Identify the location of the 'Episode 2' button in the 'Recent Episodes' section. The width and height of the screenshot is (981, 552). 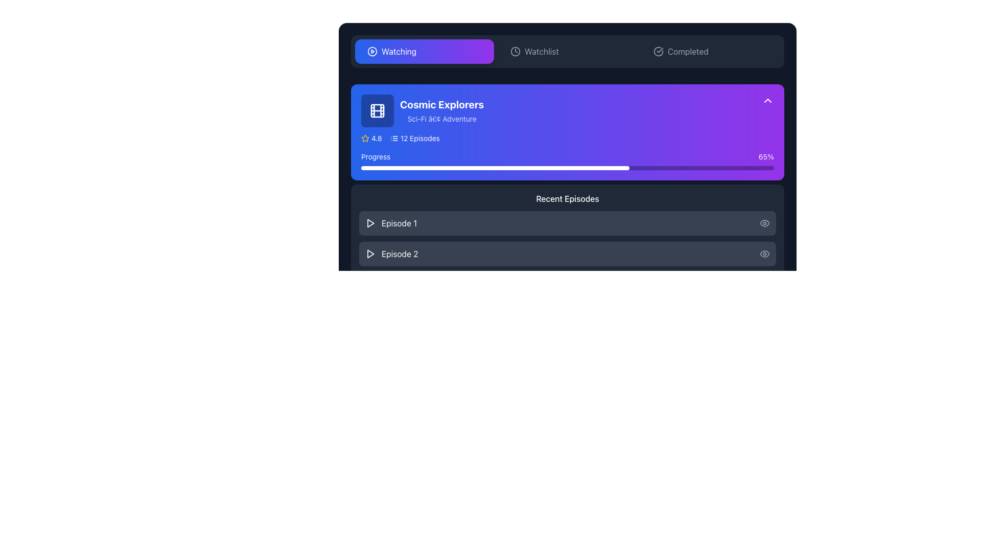
(567, 254).